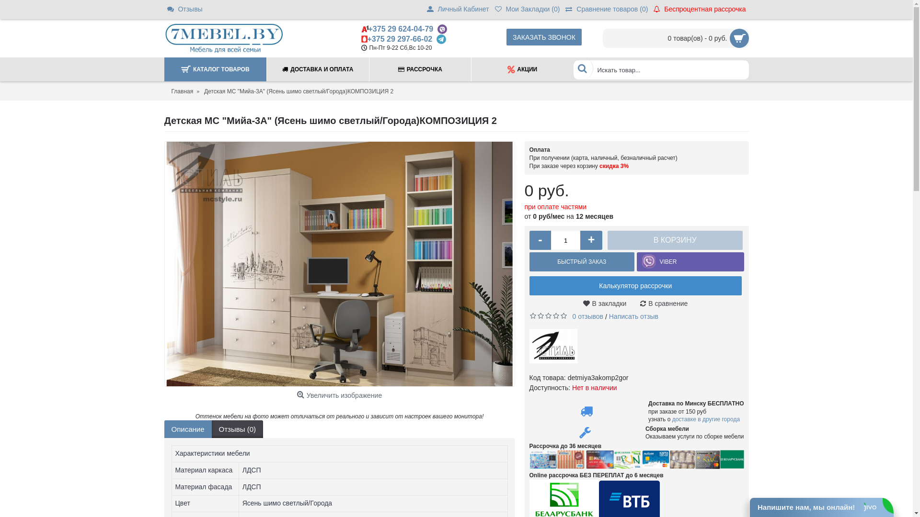 The image size is (920, 517). What do you see at coordinates (579, 239) in the screenshot?
I see `'+'` at bounding box center [579, 239].